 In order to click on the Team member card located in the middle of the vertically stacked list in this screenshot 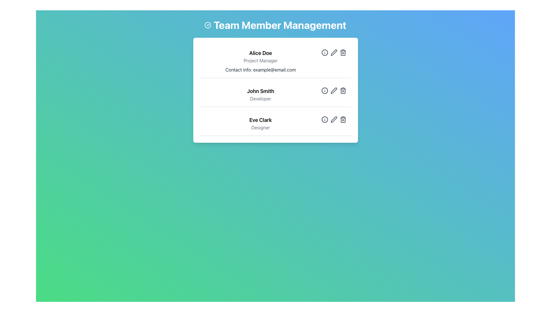, I will do `click(275, 90)`.